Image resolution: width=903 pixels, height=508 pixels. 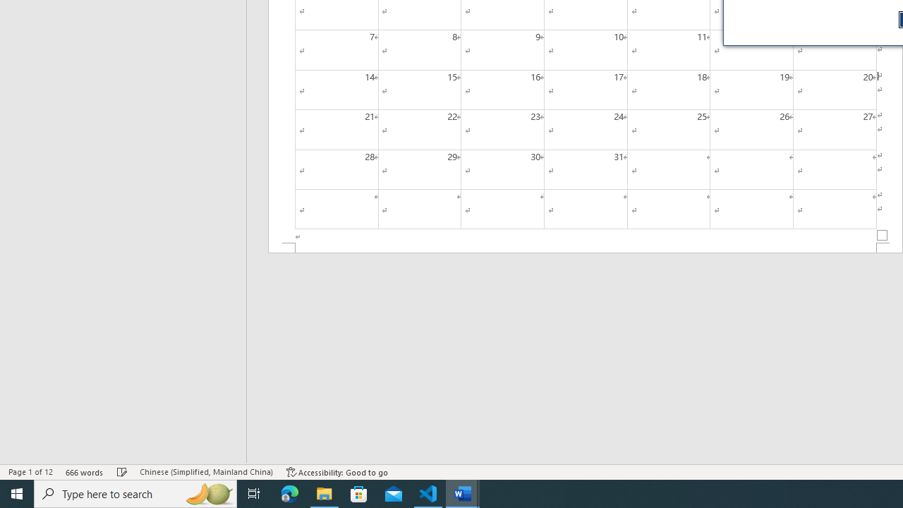 What do you see at coordinates (135, 492) in the screenshot?
I see `'Type here to search'` at bounding box center [135, 492].